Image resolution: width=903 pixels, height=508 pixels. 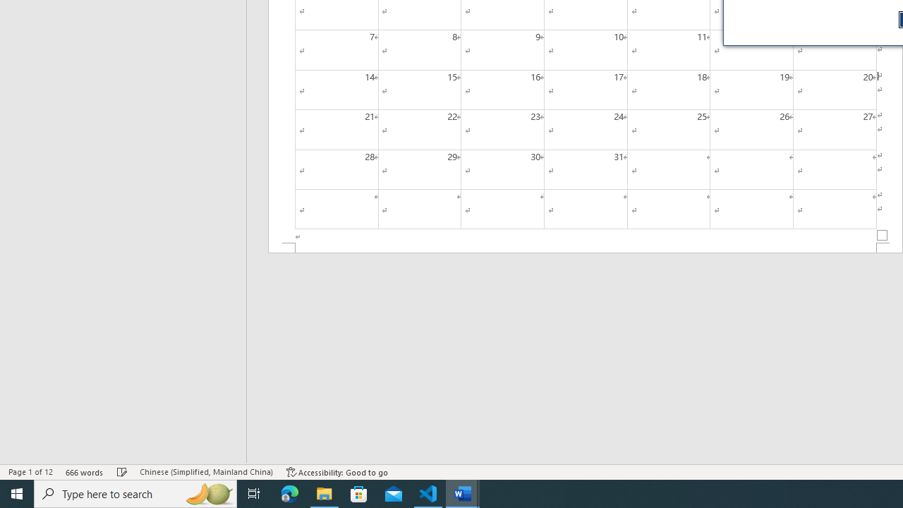 What do you see at coordinates (135, 492) in the screenshot?
I see `'Type here to search'` at bounding box center [135, 492].